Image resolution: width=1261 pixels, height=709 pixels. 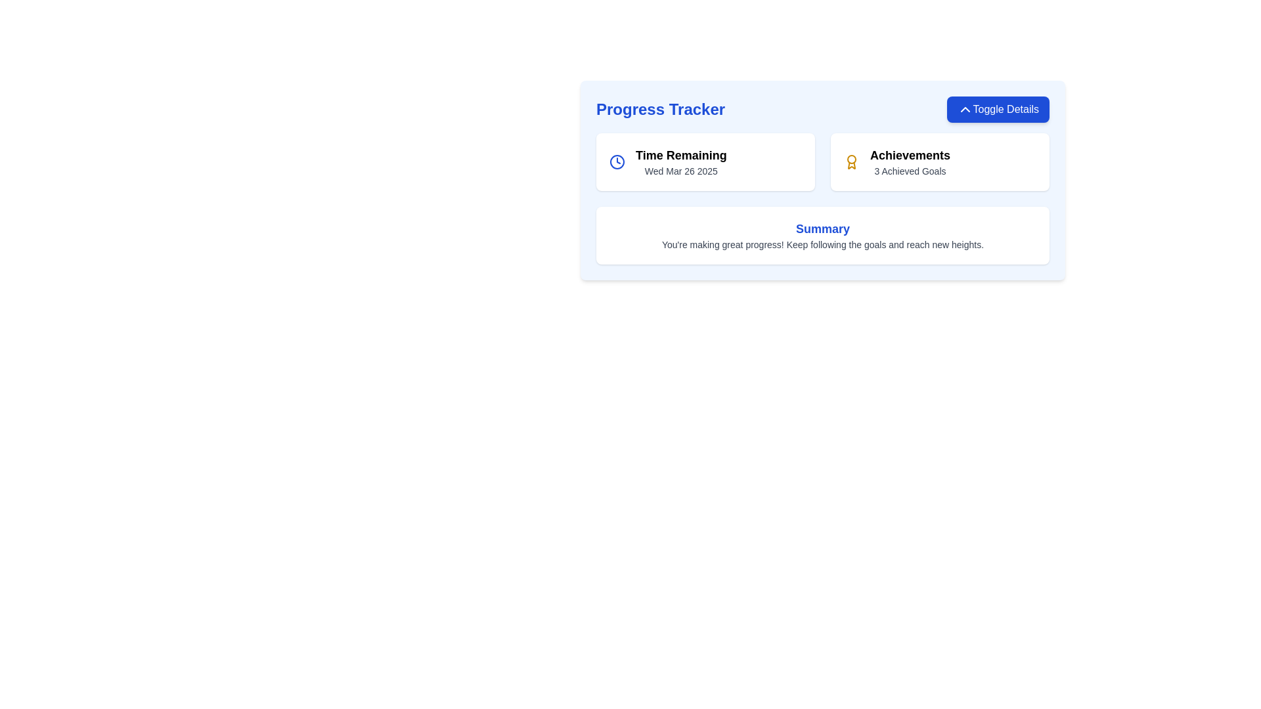 I want to click on the blue clock icon with a clean outline design, located to the left of the 'Time Remaining' label within a white card layout, so click(x=617, y=161).